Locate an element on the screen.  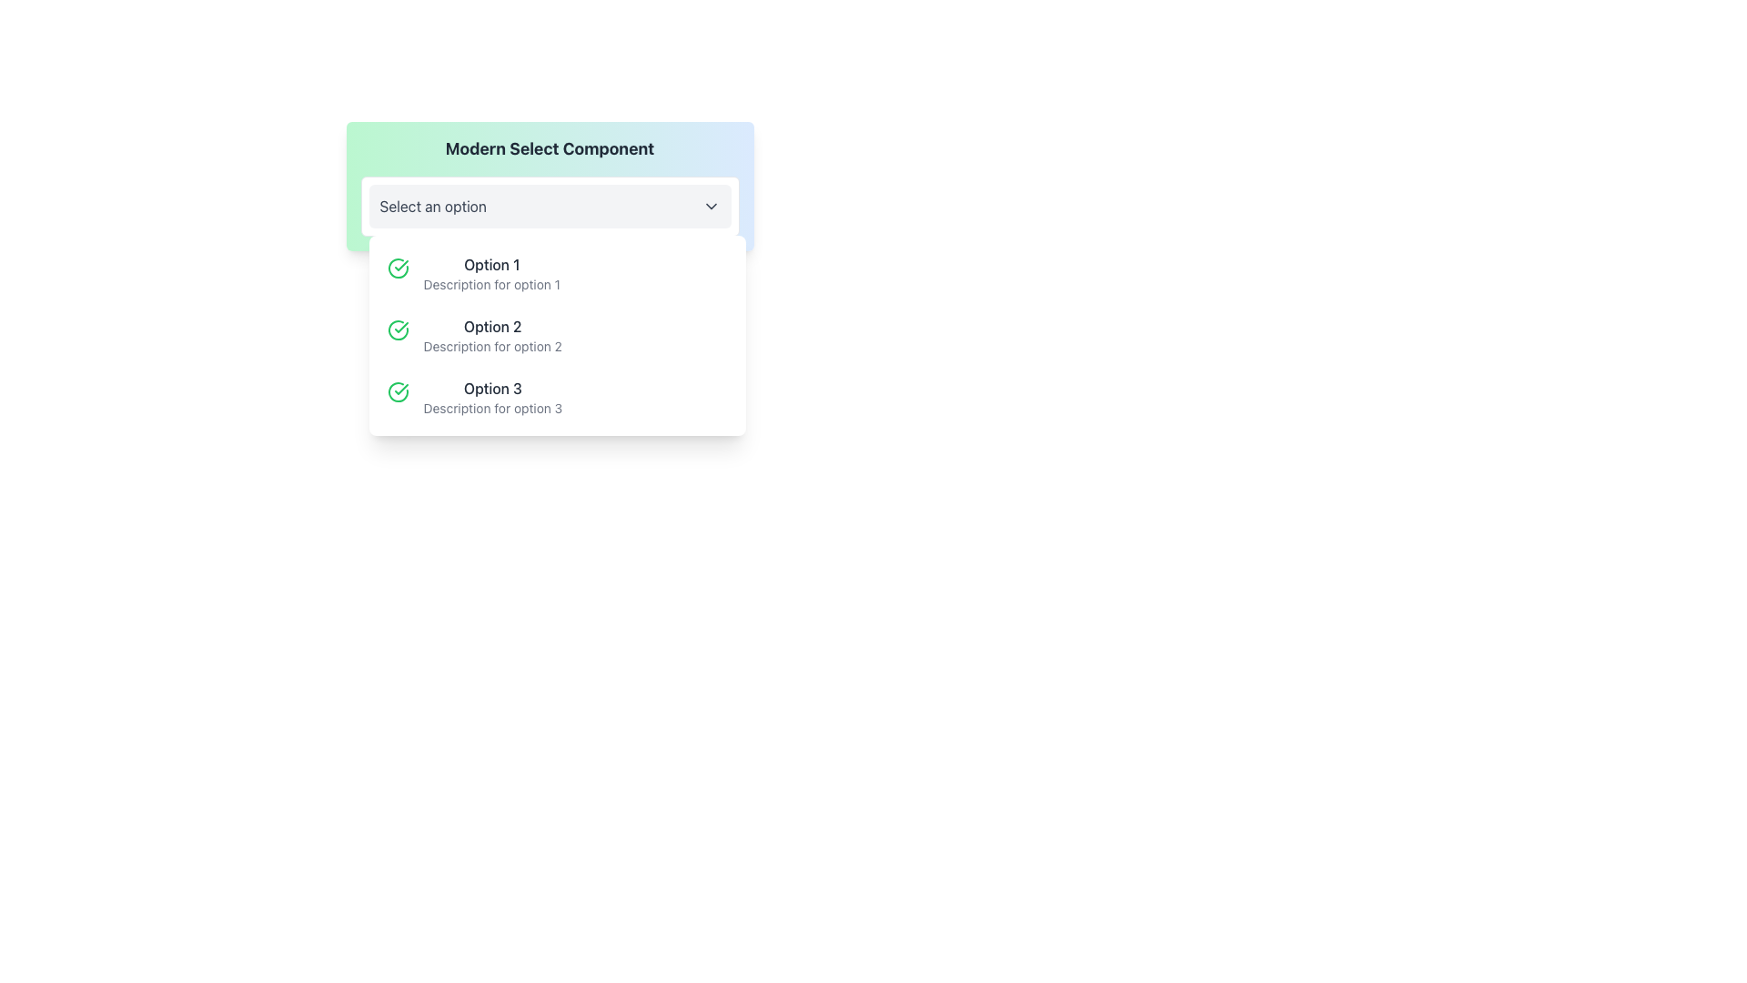
the descriptive text label located below 'Option 1' in the dropdown menu, which provides additional information for the corresponding option is located at coordinates (491, 284).